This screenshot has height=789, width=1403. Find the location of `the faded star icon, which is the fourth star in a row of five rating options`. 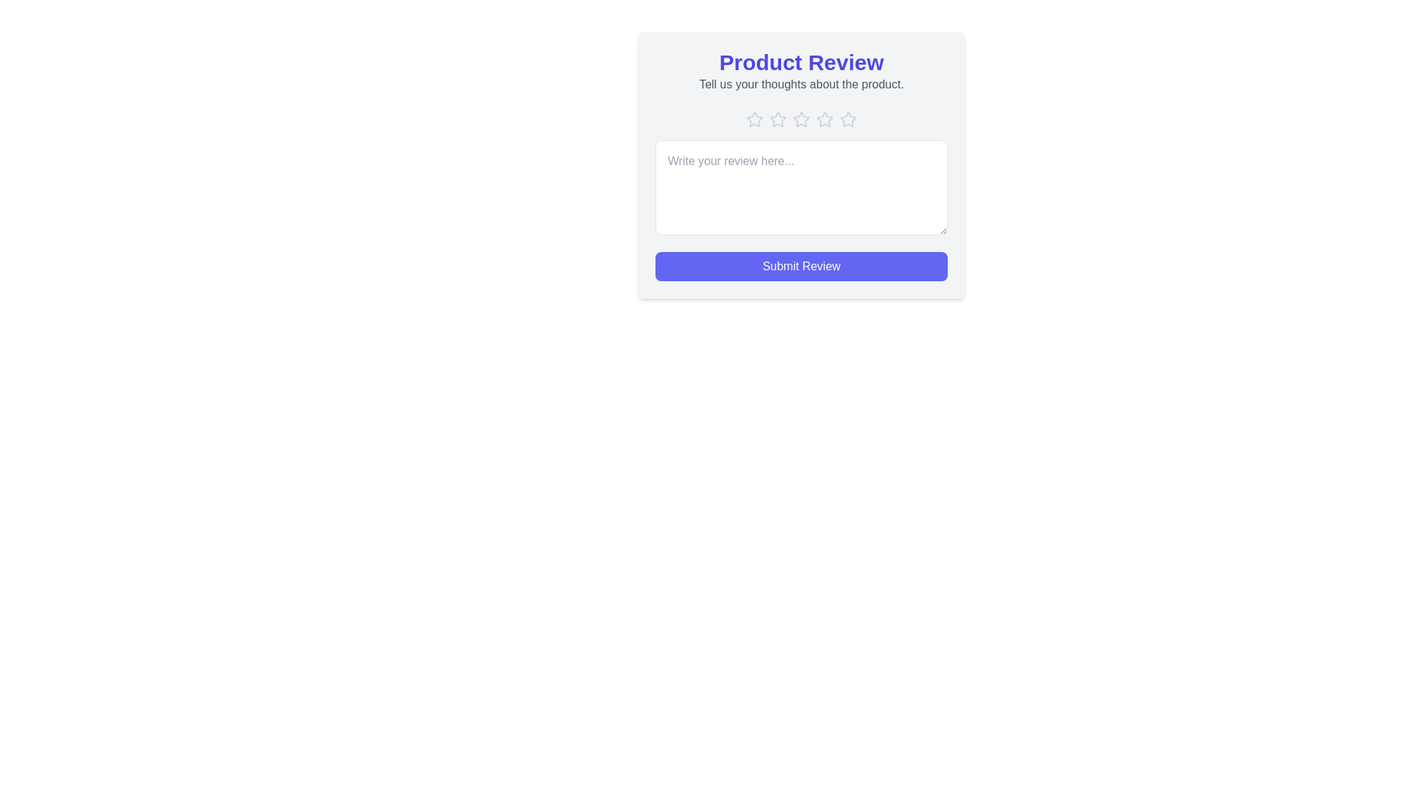

the faded star icon, which is the fourth star in a row of five rating options is located at coordinates (824, 119).